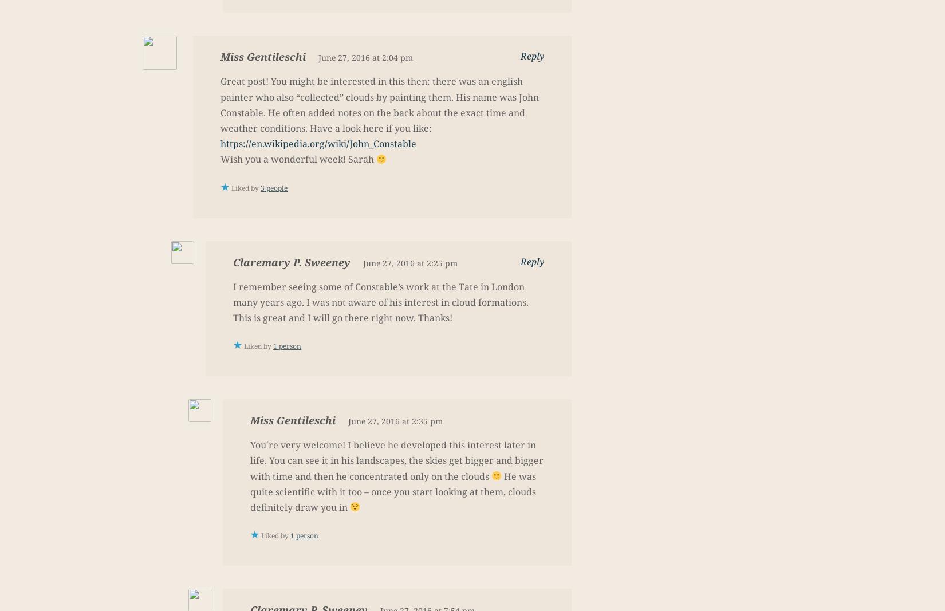 This screenshot has width=945, height=611. Describe the element at coordinates (396, 459) in the screenshot. I see `'You´re very welcome! I believe he developed this interest later in life. You can see it in his landscapes, the skies get bigger and bigger with time and then he concentrated only on the clouds'` at that location.